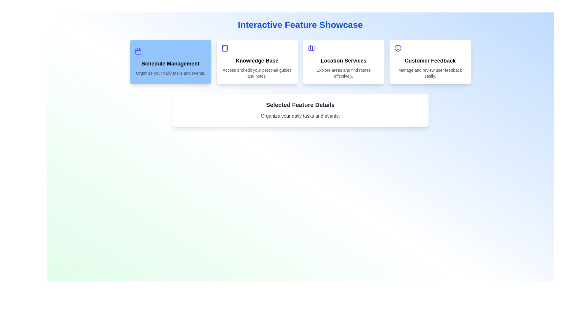 The height and width of the screenshot is (320, 569). What do you see at coordinates (257, 73) in the screenshot?
I see `the static text displaying 'Access and edit your personal guides and notes.' located beneath the title 'Knowledge Base' in the second column of cards` at bounding box center [257, 73].